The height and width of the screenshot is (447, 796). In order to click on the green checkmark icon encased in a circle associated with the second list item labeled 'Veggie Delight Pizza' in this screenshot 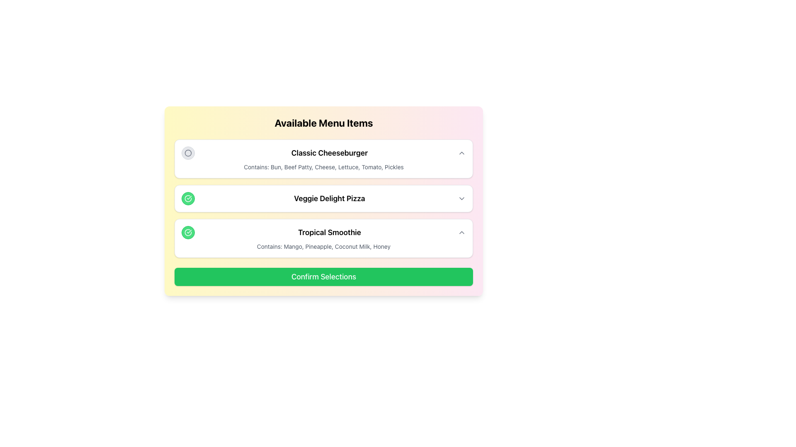, I will do `click(188, 233)`.